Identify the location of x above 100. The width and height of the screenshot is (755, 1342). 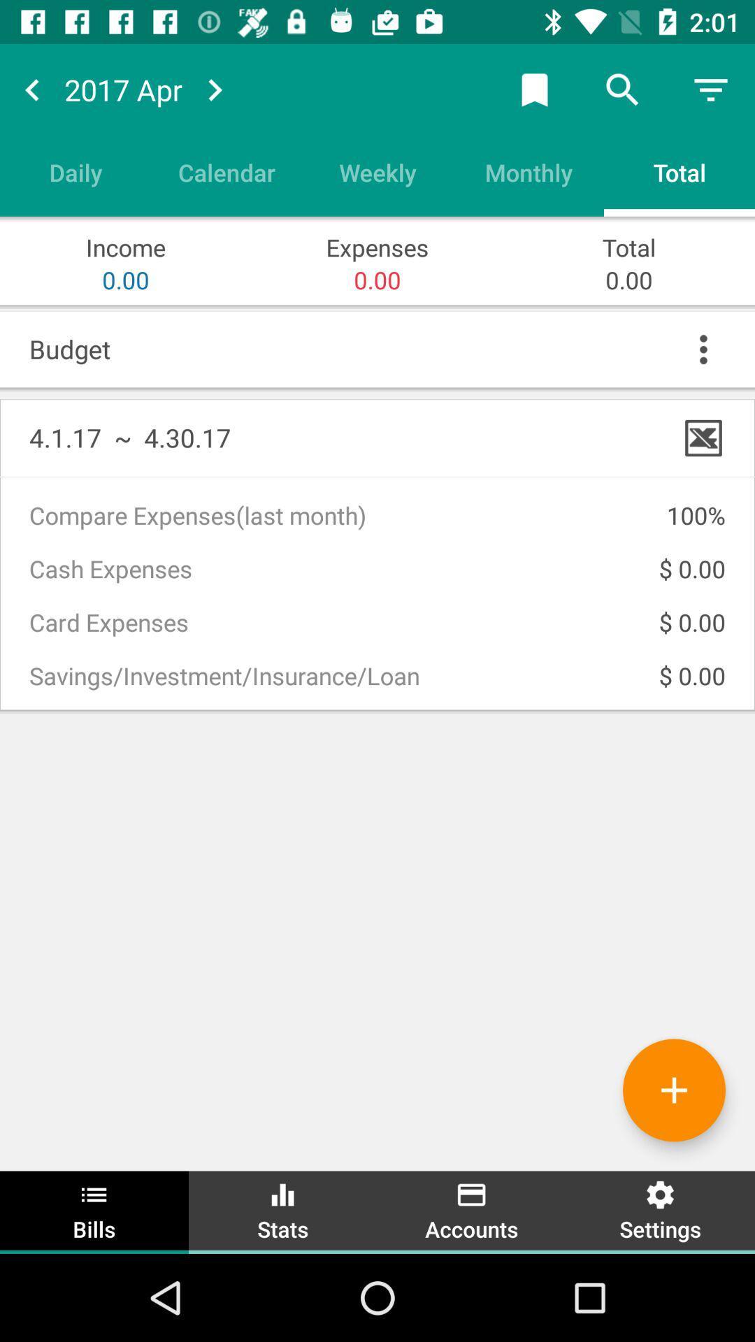
(703, 437).